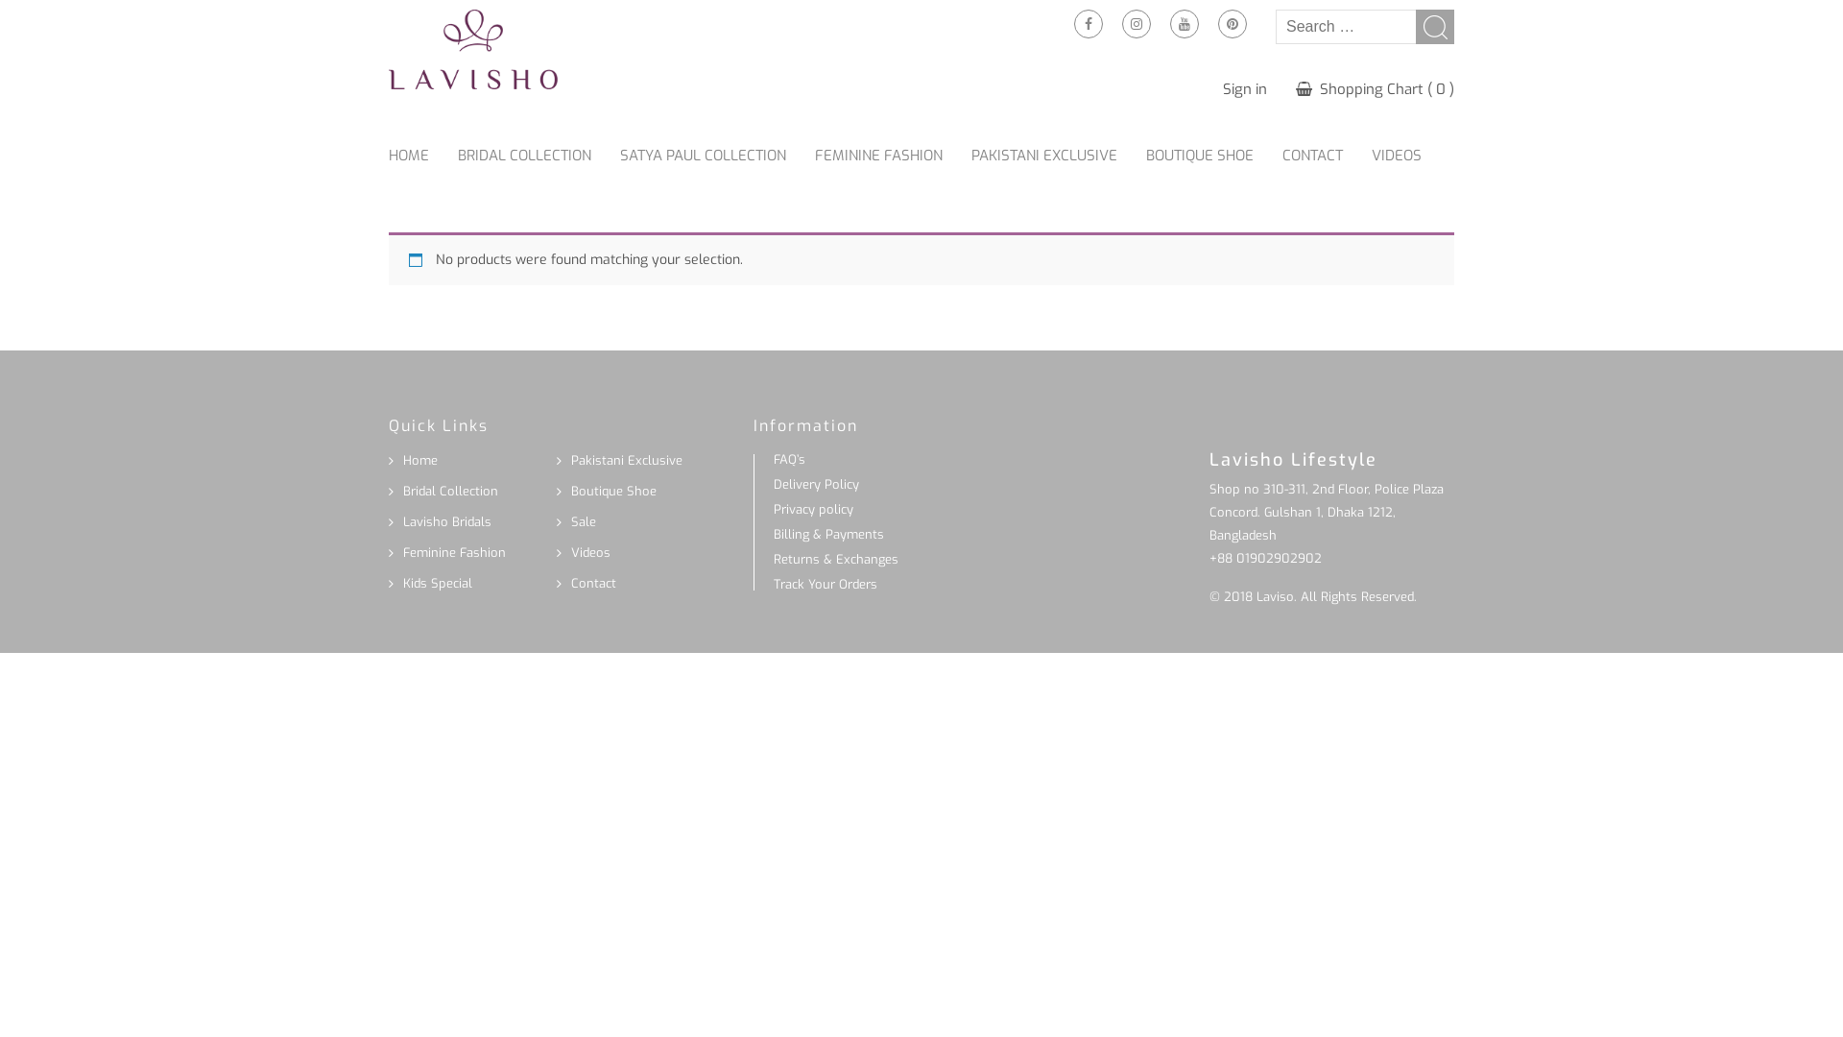 Image resolution: width=1843 pixels, height=1037 pixels. What do you see at coordinates (813, 508) in the screenshot?
I see `'Privacy policy'` at bounding box center [813, 508].